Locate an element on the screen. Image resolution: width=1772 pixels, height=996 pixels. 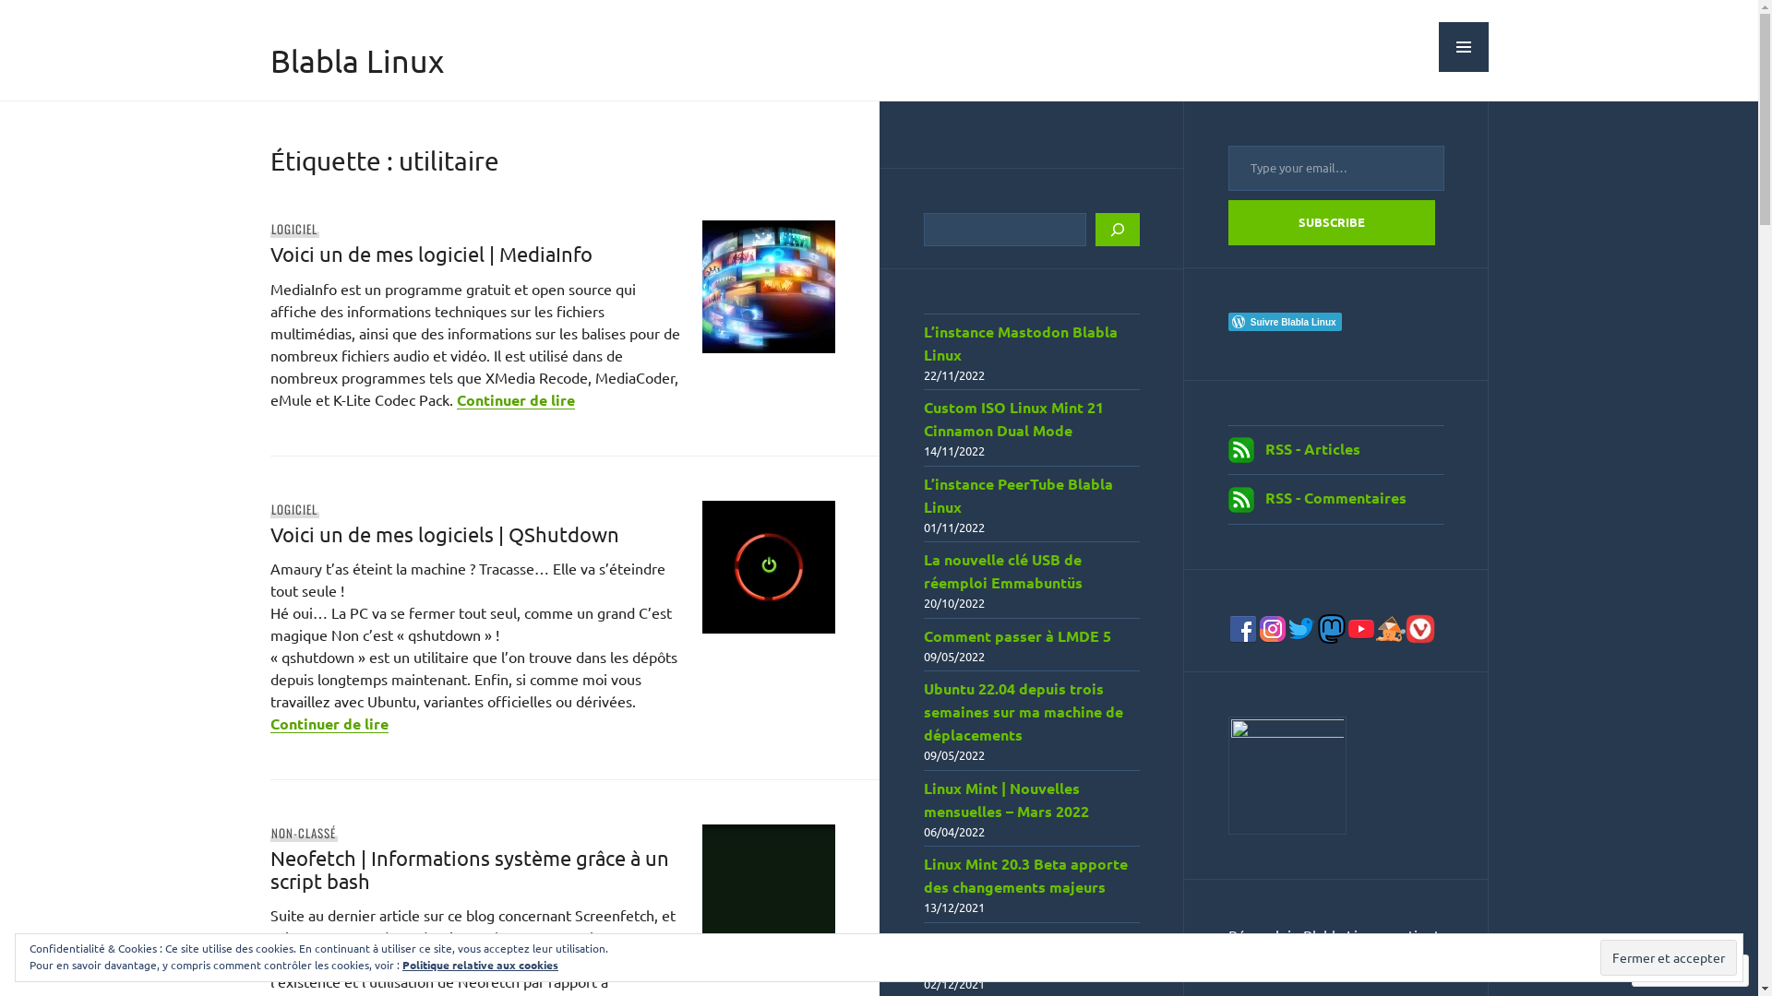
'LOGICIEL' is located at coordinates (269, 508).